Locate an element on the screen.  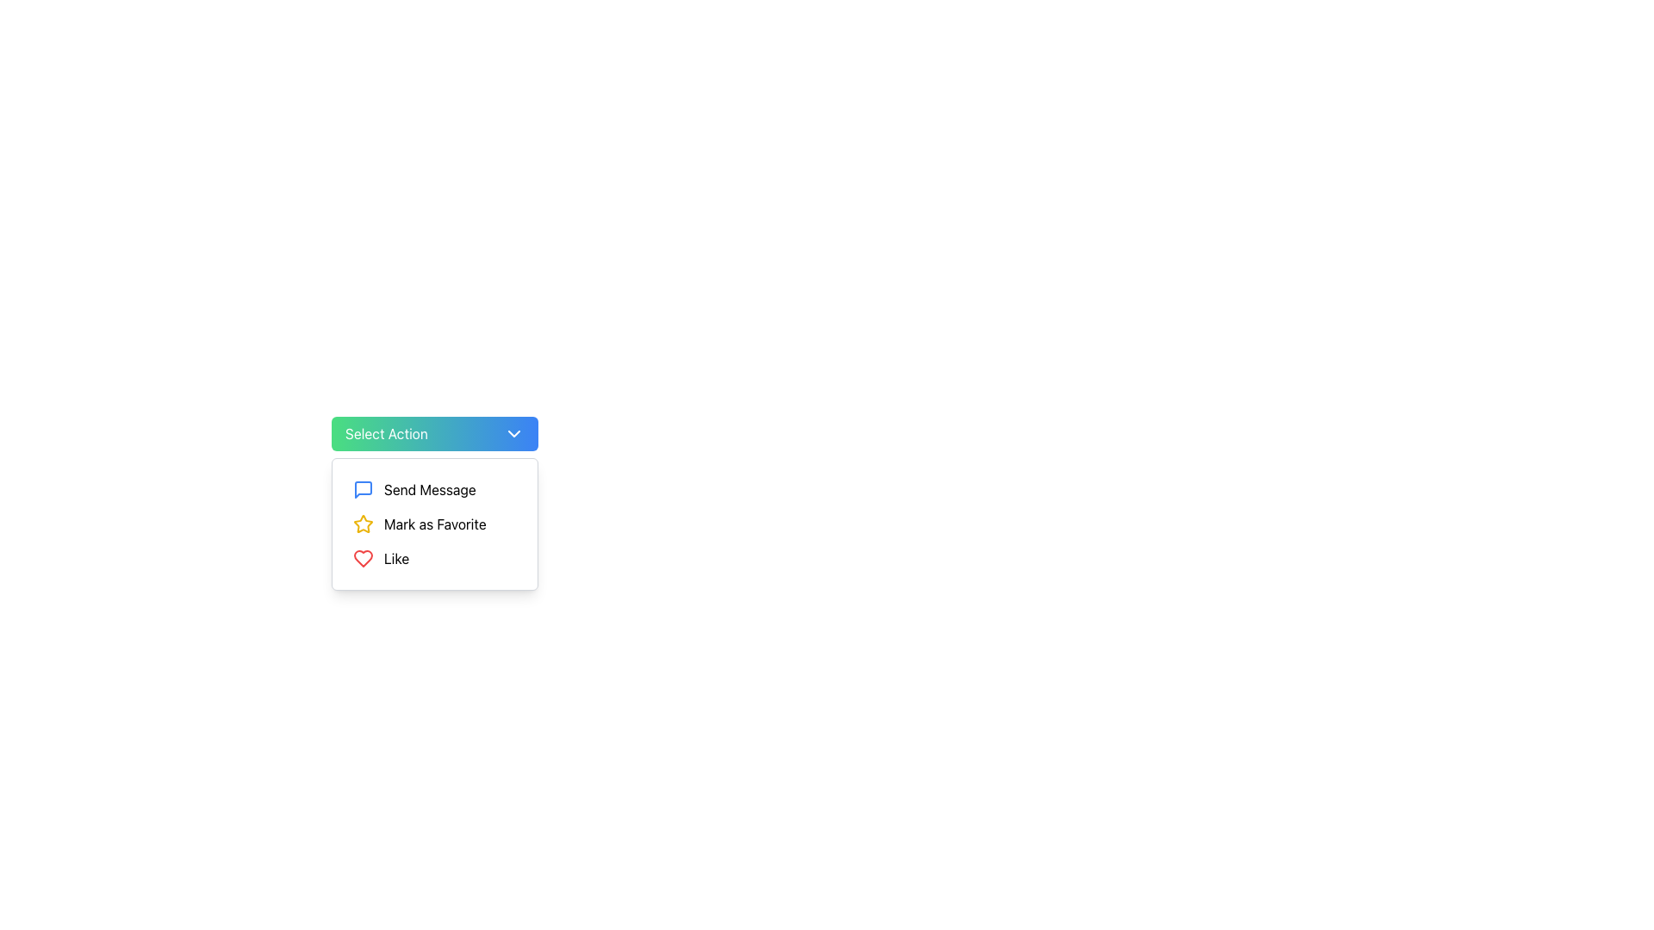
the 'Send Message' icon located at the leftmost side of the 'Send Message' row in the dropdown menu is located at coordinates (363, 490).